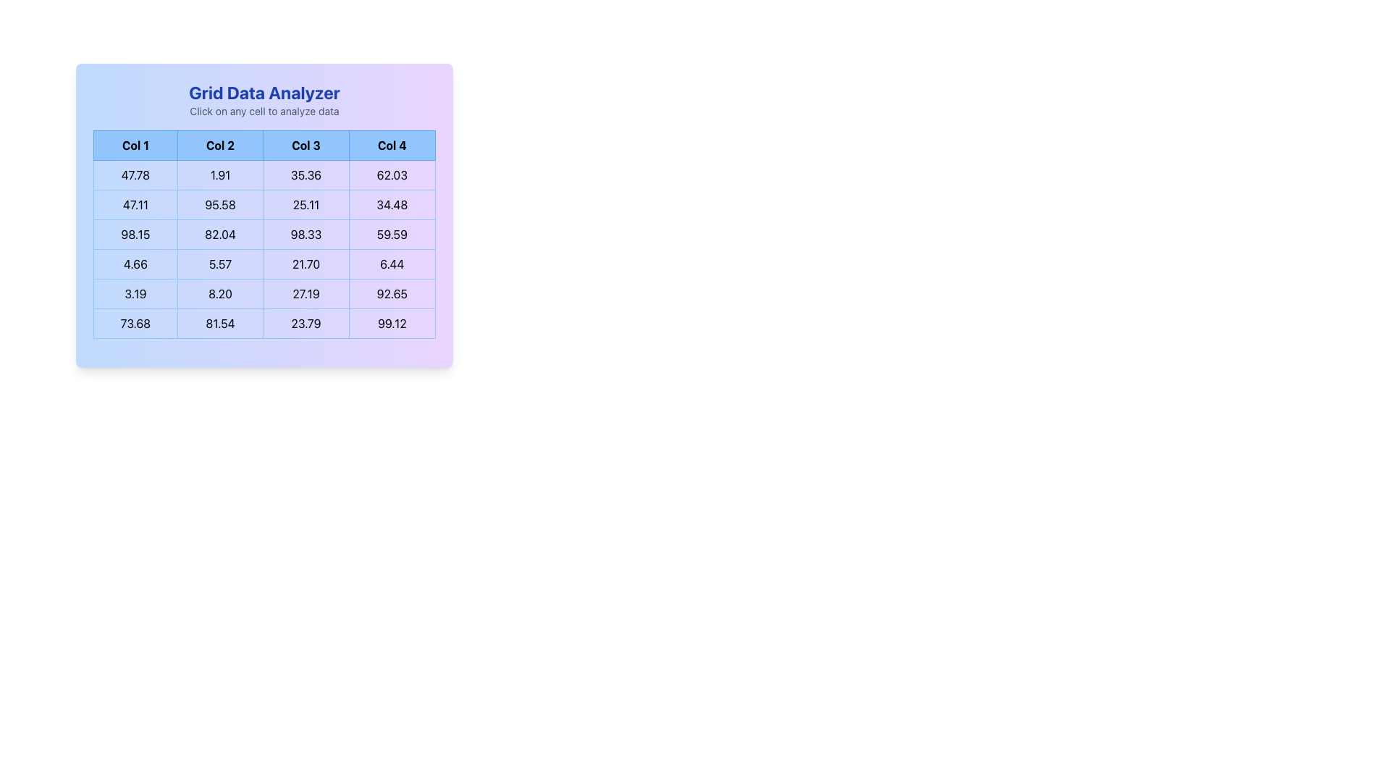  What do you see at coordinates (305, 323) in the screenshot?
I see `the Text display cell that shows the numeric value '23.79' in bold black font, which is located in the third column of the last row of a grid structure` at bounding box center [305, 323].